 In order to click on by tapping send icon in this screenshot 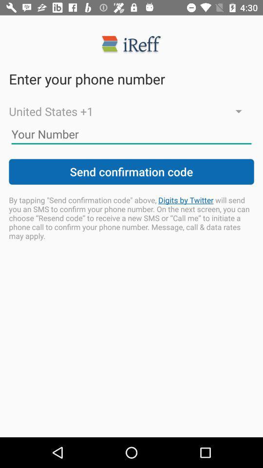, I will do `click(131, 218)`.